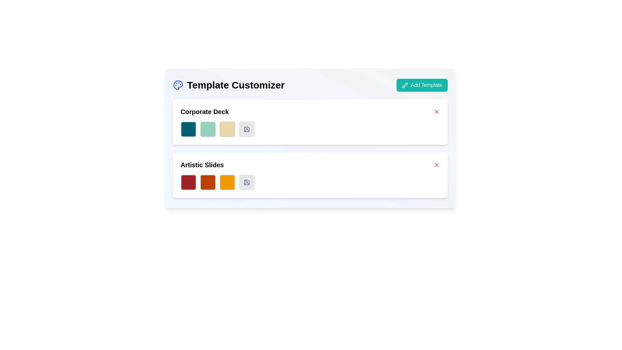  I want to click on the button located on the far right side of the 'Artistic Slides' section, so click(436, 165).